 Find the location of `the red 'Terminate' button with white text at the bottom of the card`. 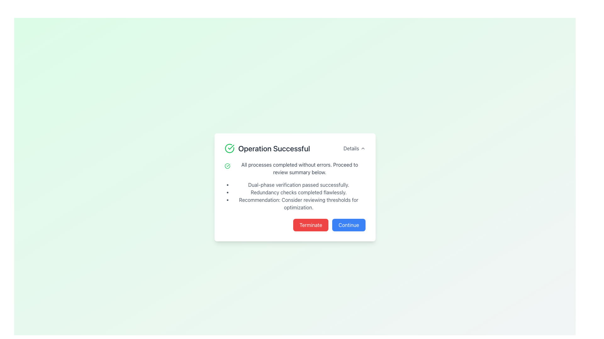

the red 'Terminate' button with white text at the bottom of the card is located at coordinates (311, 225).